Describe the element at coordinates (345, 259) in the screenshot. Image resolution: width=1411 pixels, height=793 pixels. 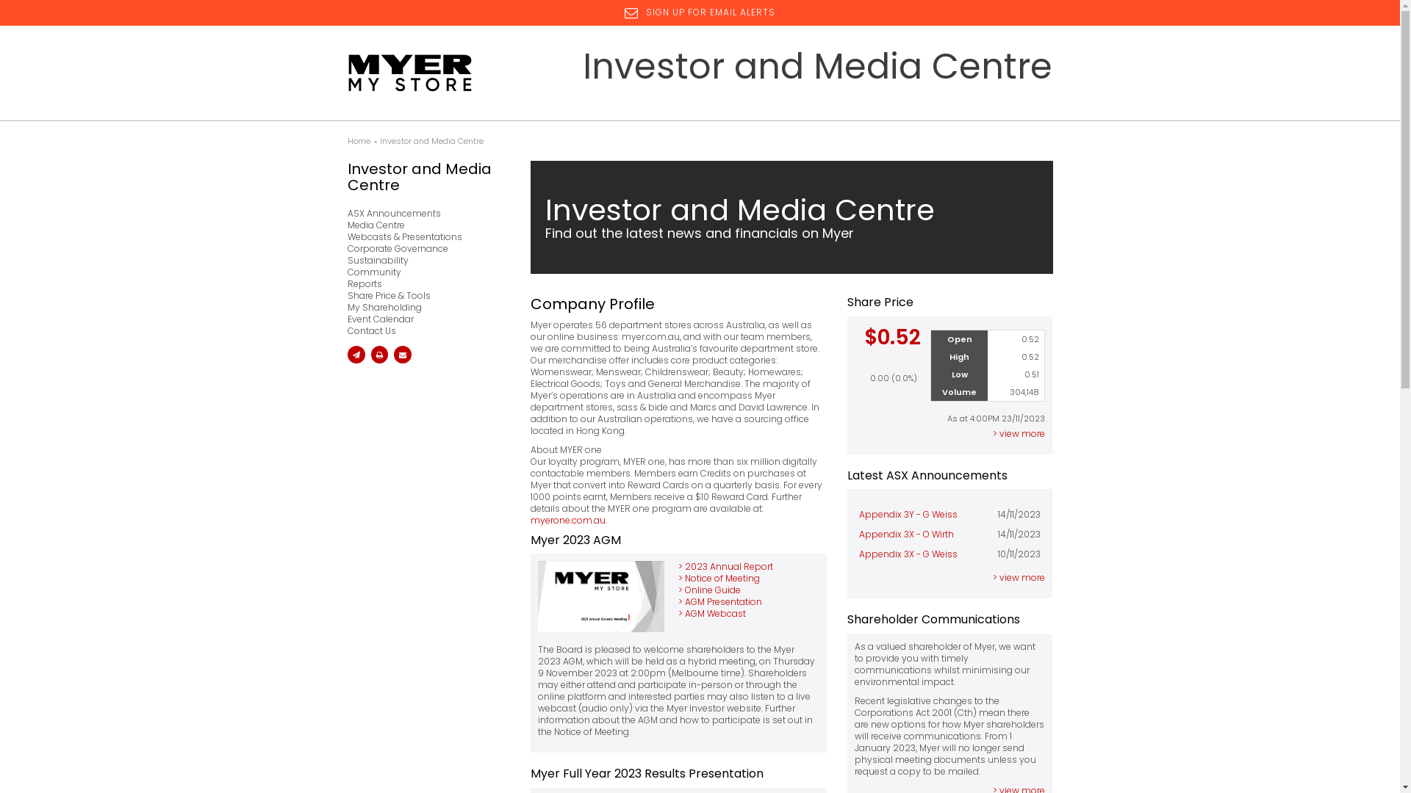
I see `'Sustainability'` at that location.